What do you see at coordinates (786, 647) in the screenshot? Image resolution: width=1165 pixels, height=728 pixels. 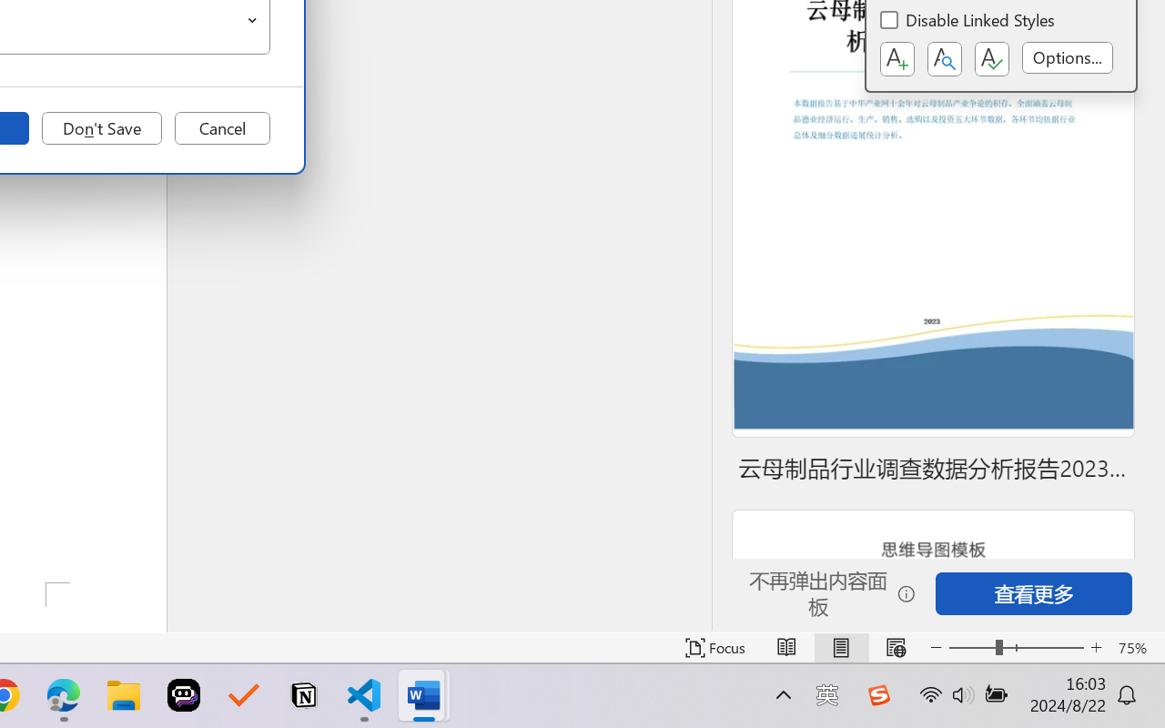 I see `'Read Mode'` at bounding box center [786, 647].